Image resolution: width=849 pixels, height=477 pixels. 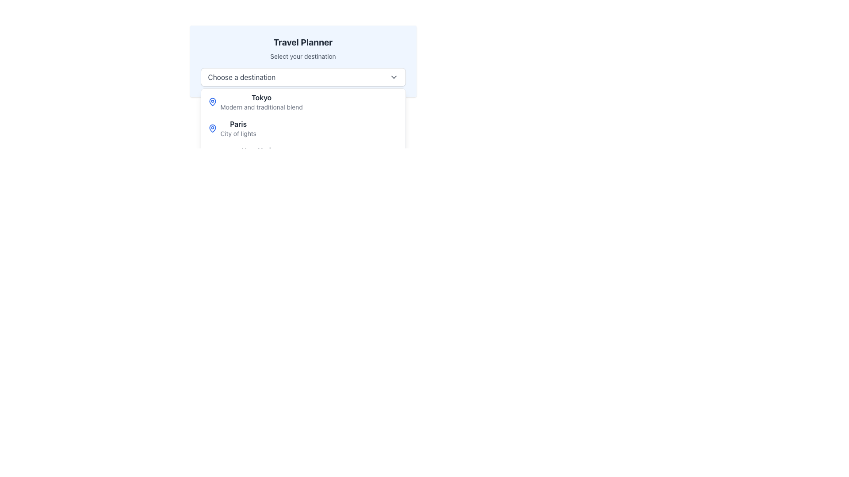 What do you see at coordinates (303, 155) in the screenshot?
I see `on the third list item in the dropdown menu` at bounding box center [303, 155].